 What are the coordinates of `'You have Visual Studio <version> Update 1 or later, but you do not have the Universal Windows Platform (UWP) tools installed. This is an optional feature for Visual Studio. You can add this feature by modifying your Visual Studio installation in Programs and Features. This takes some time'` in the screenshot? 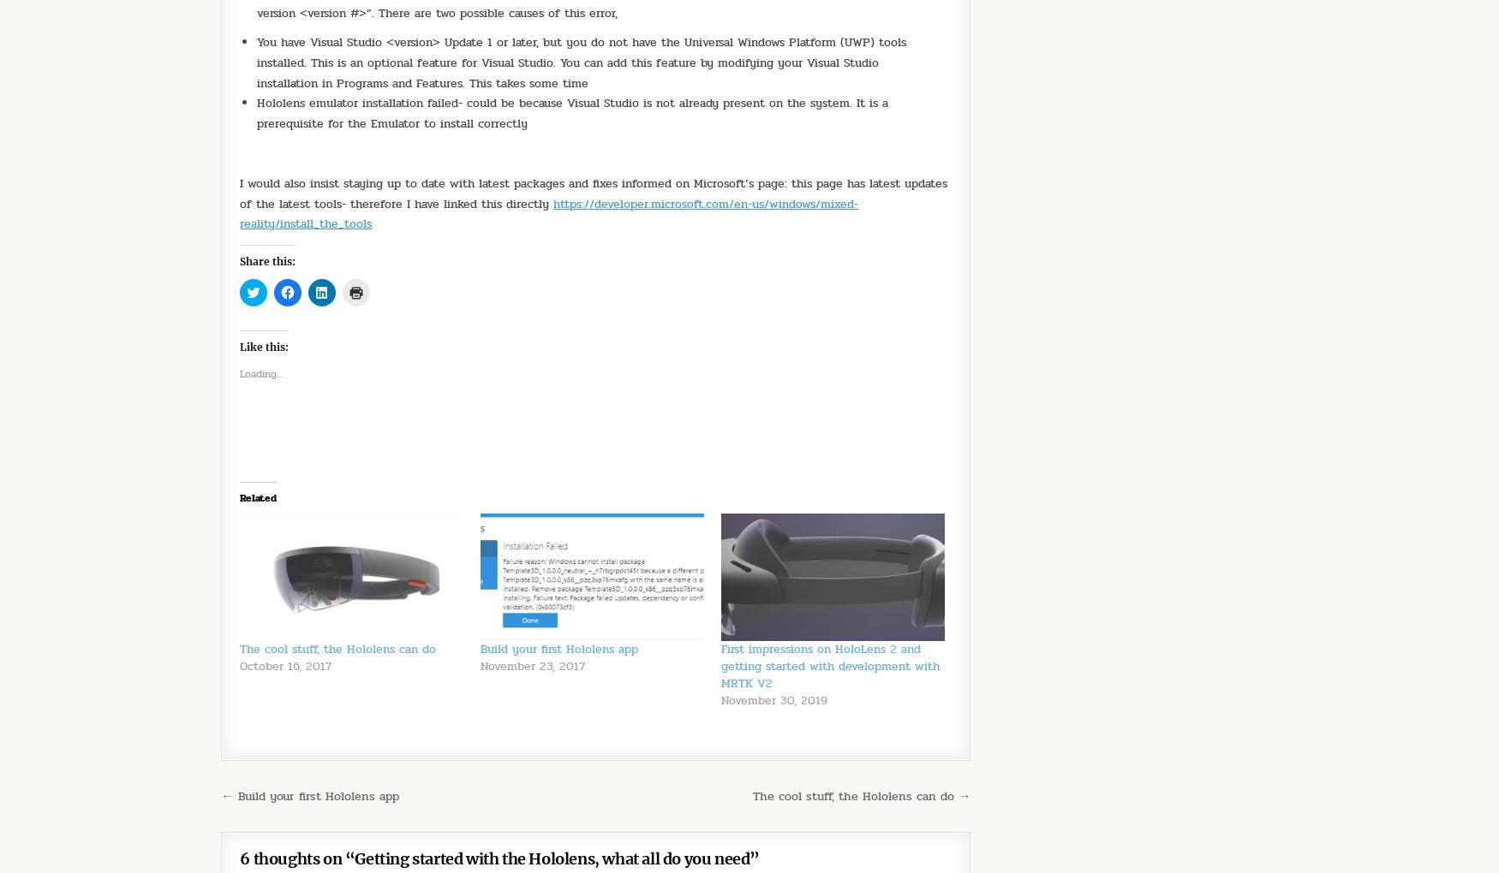 It's located at (581, 62).